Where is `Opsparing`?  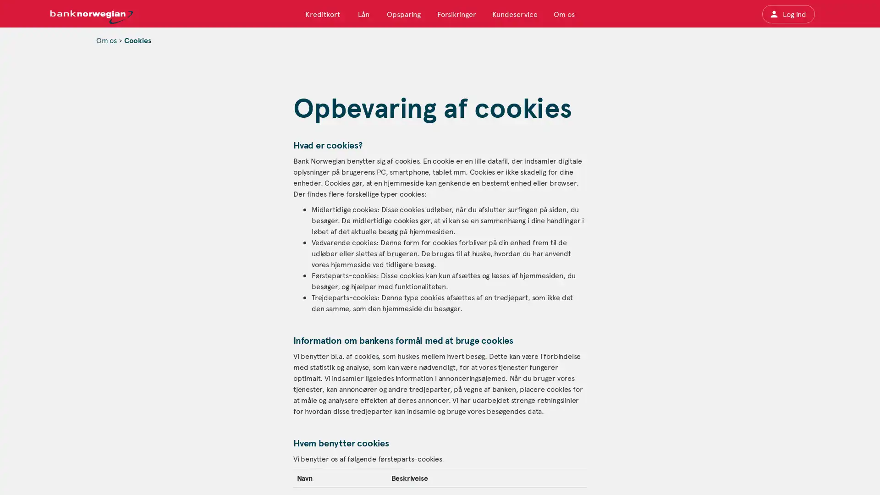
Opsparing is located at coordinates (403, 14).